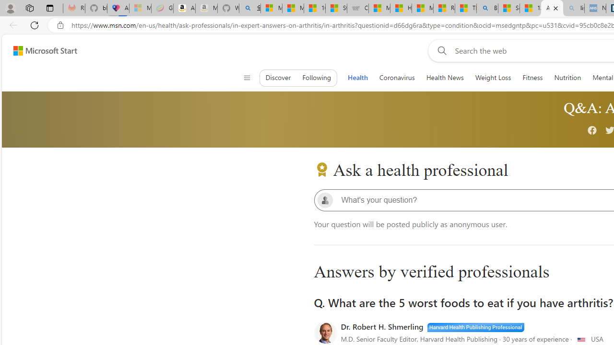 Image resolution: width=614 pixels, height=345 pixels. Describe the element at coordinates (475, 326) in the screenshot. I see `'Harvard health publishing professional'` at that location.